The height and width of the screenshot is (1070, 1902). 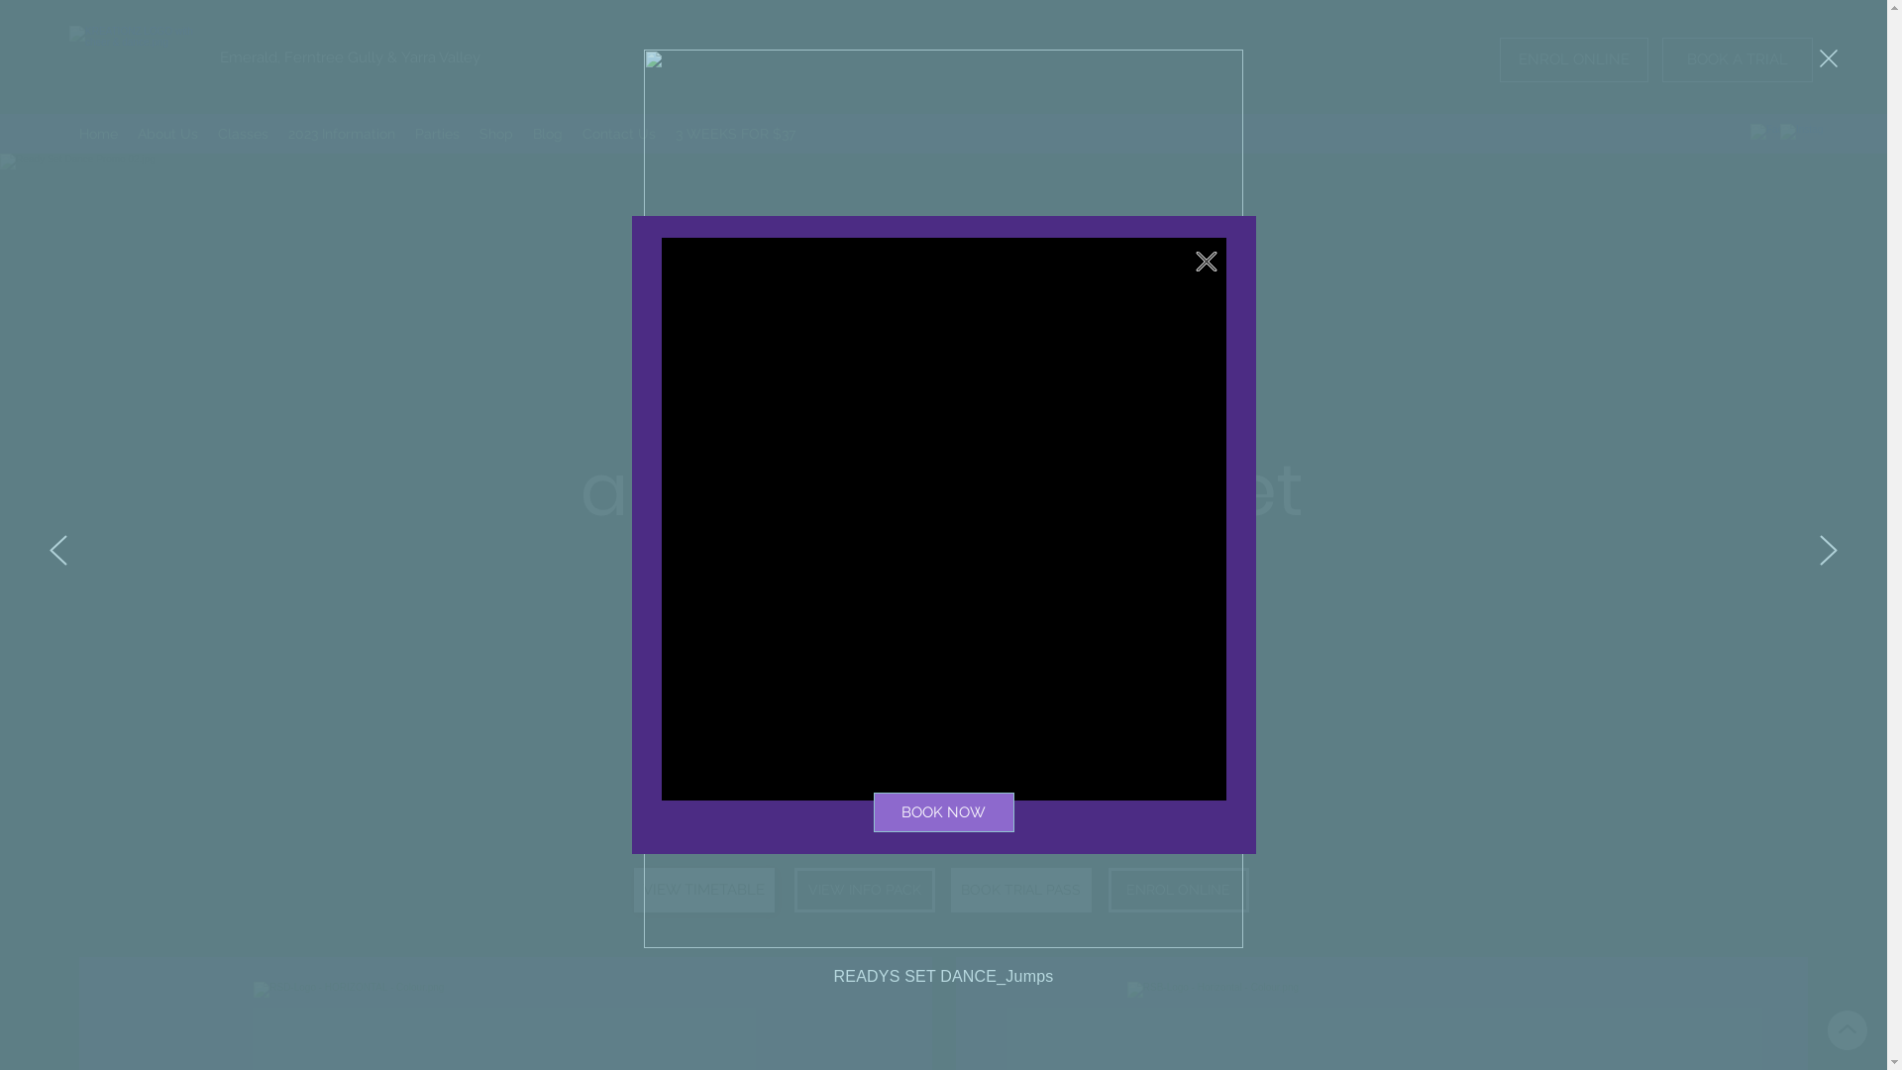 I want to click on '2023 Information', so click(x=342, y=134).